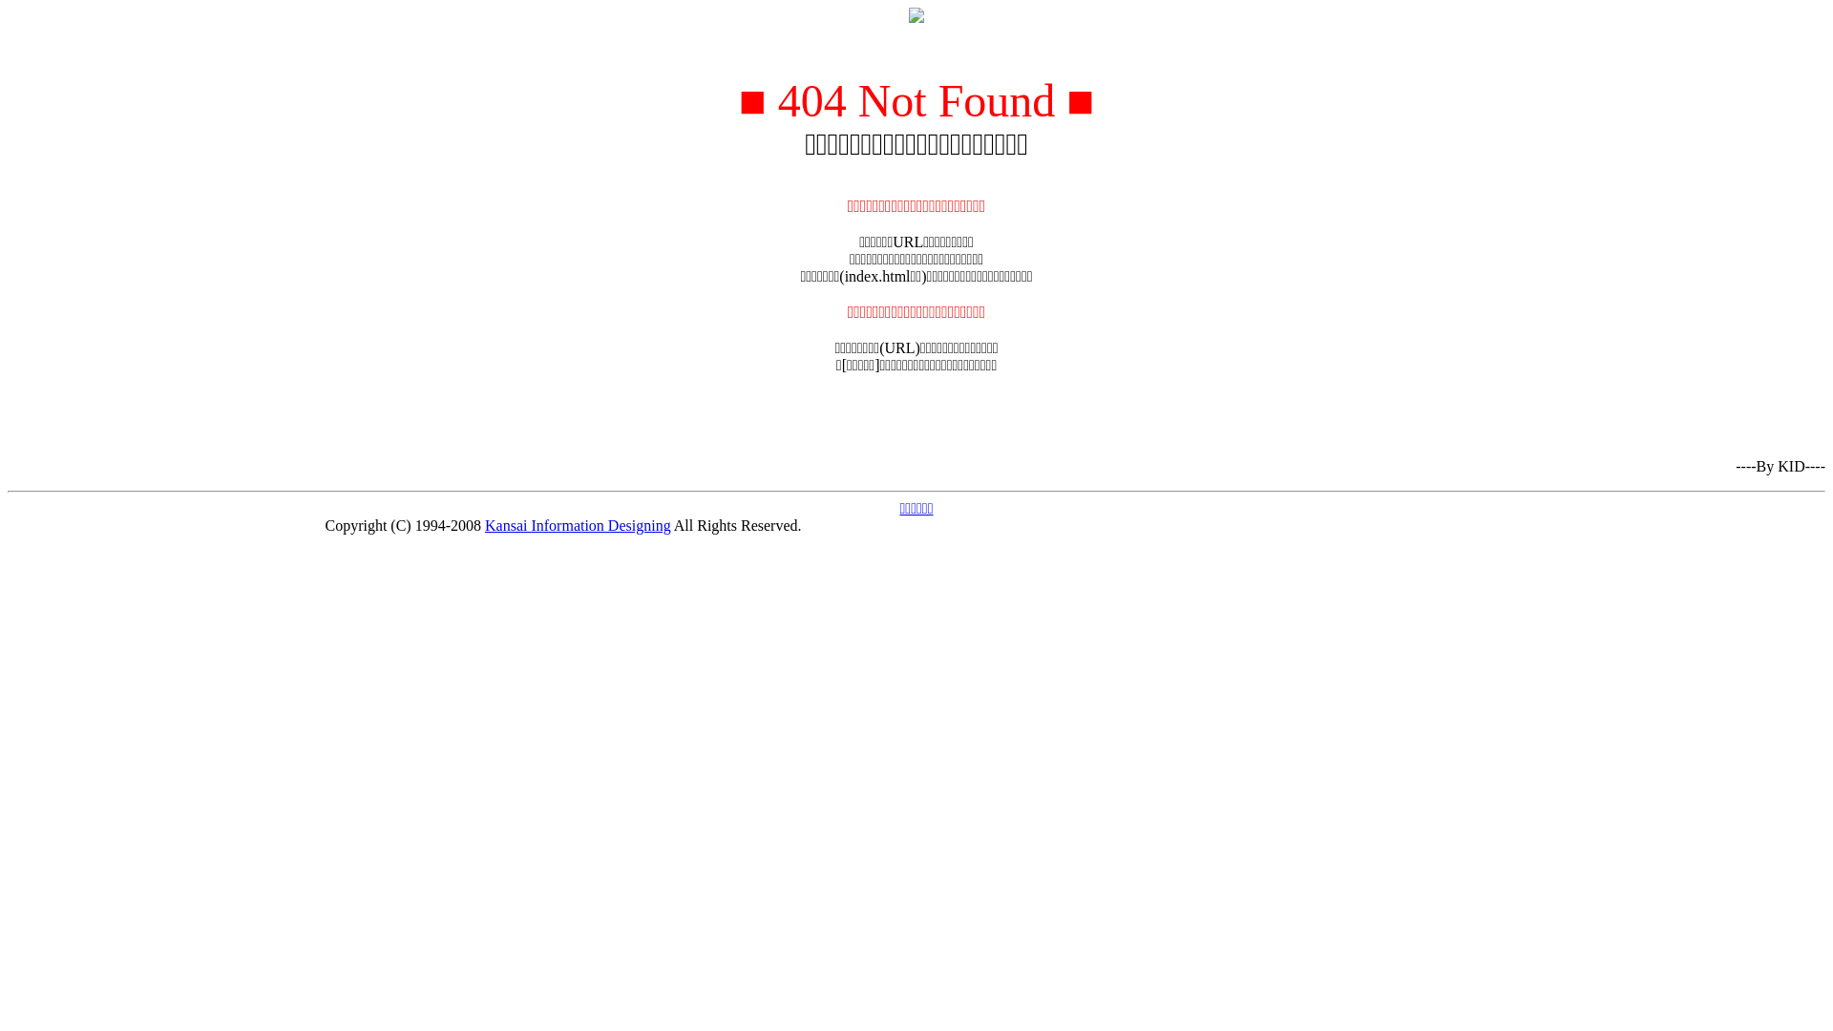 This screenshot has height=1031, width=1833. What do you see at coordinates (577, 525) in the screenshot?
I see `'Kansai Information Designing'` at bounding box center [577, 525].